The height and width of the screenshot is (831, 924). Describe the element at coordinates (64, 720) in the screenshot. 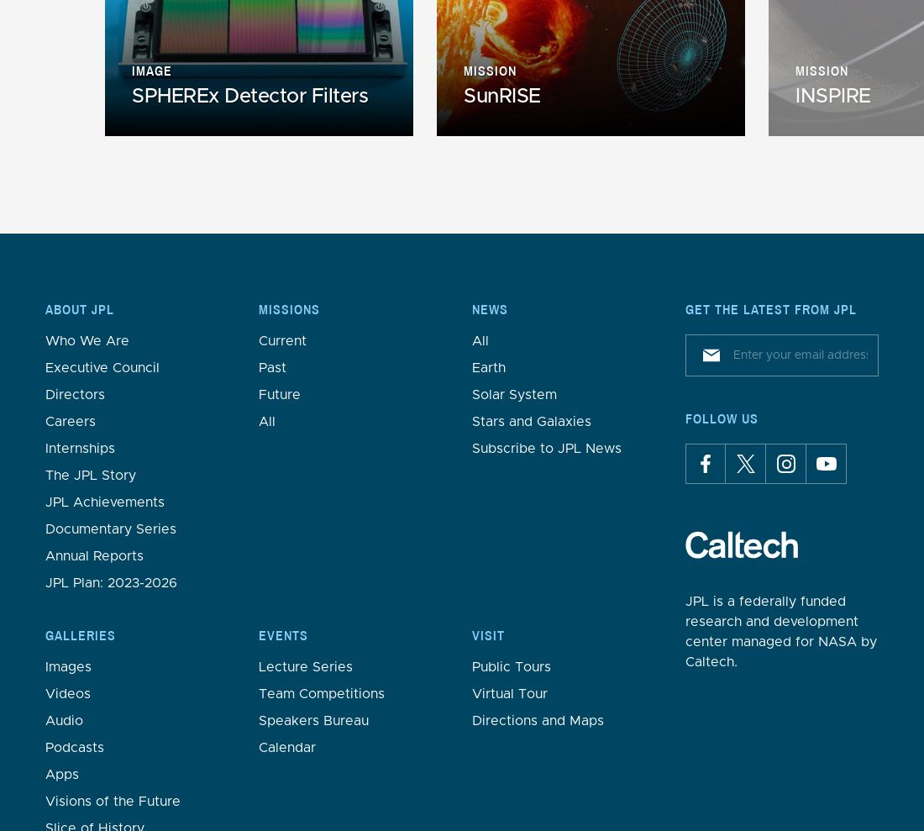

I see `'Audio'` at that location.